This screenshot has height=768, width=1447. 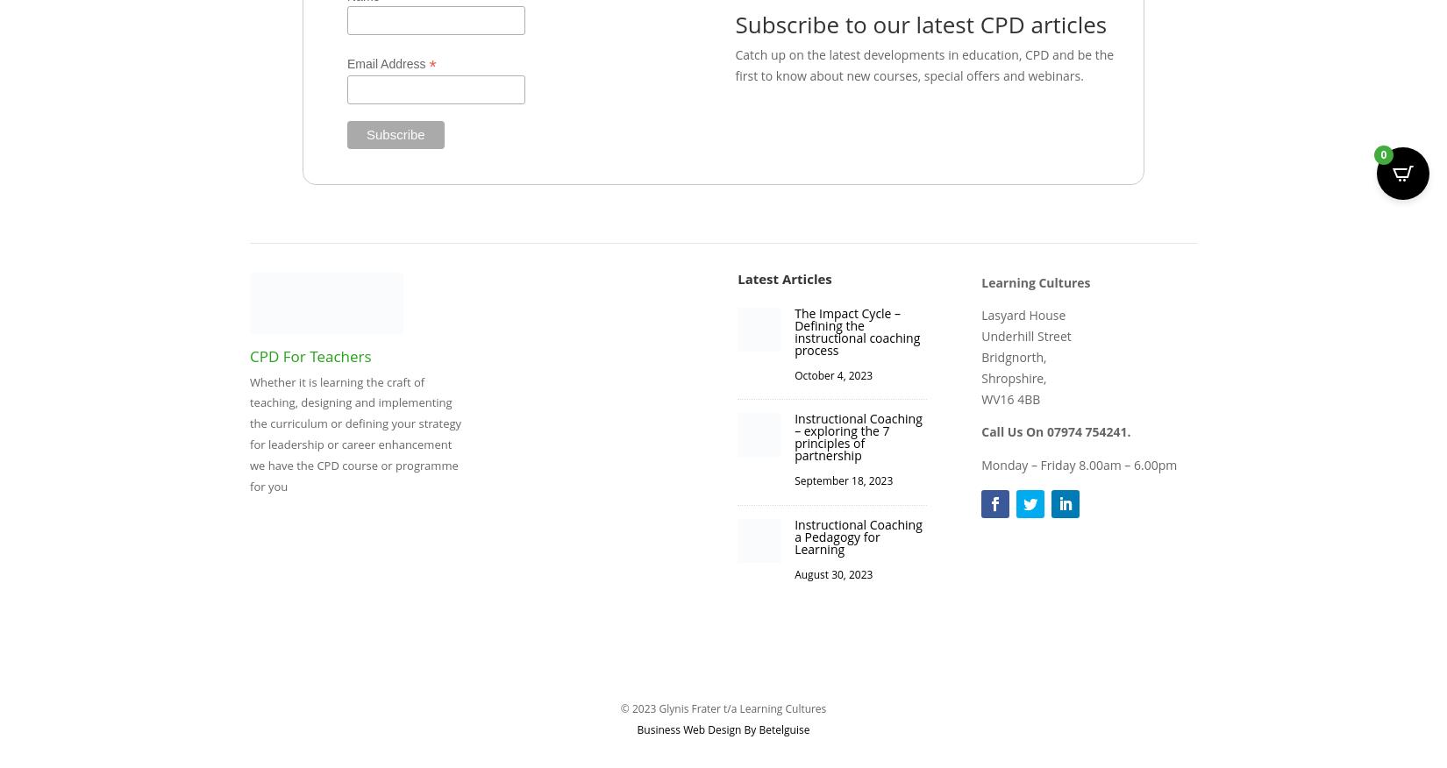 What do you see at coordinates (924, 65) in the screenshot?
I see `'Catch up on the latest developments in education, CPD and be the first to know about new courses, special offers and webinars.'` at bounding box center [924, 65].